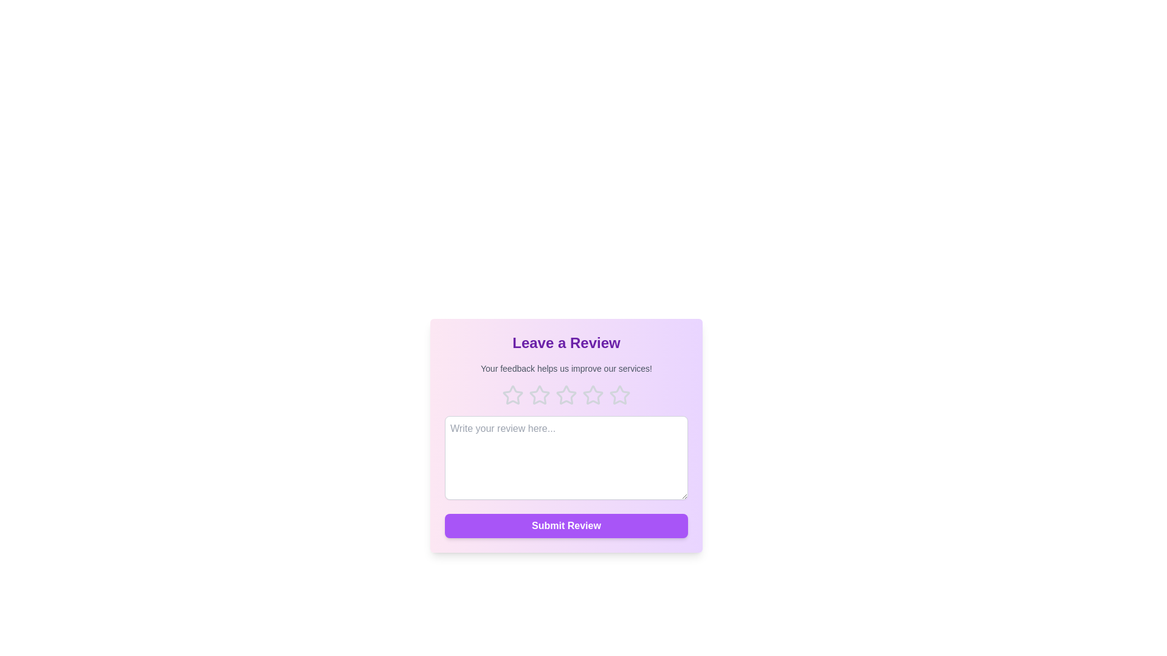 The width and height of the screenshot is (1167, 656). I want to click on the rating to 4 stars by clicking on the corresponding star, so click(593, 395).